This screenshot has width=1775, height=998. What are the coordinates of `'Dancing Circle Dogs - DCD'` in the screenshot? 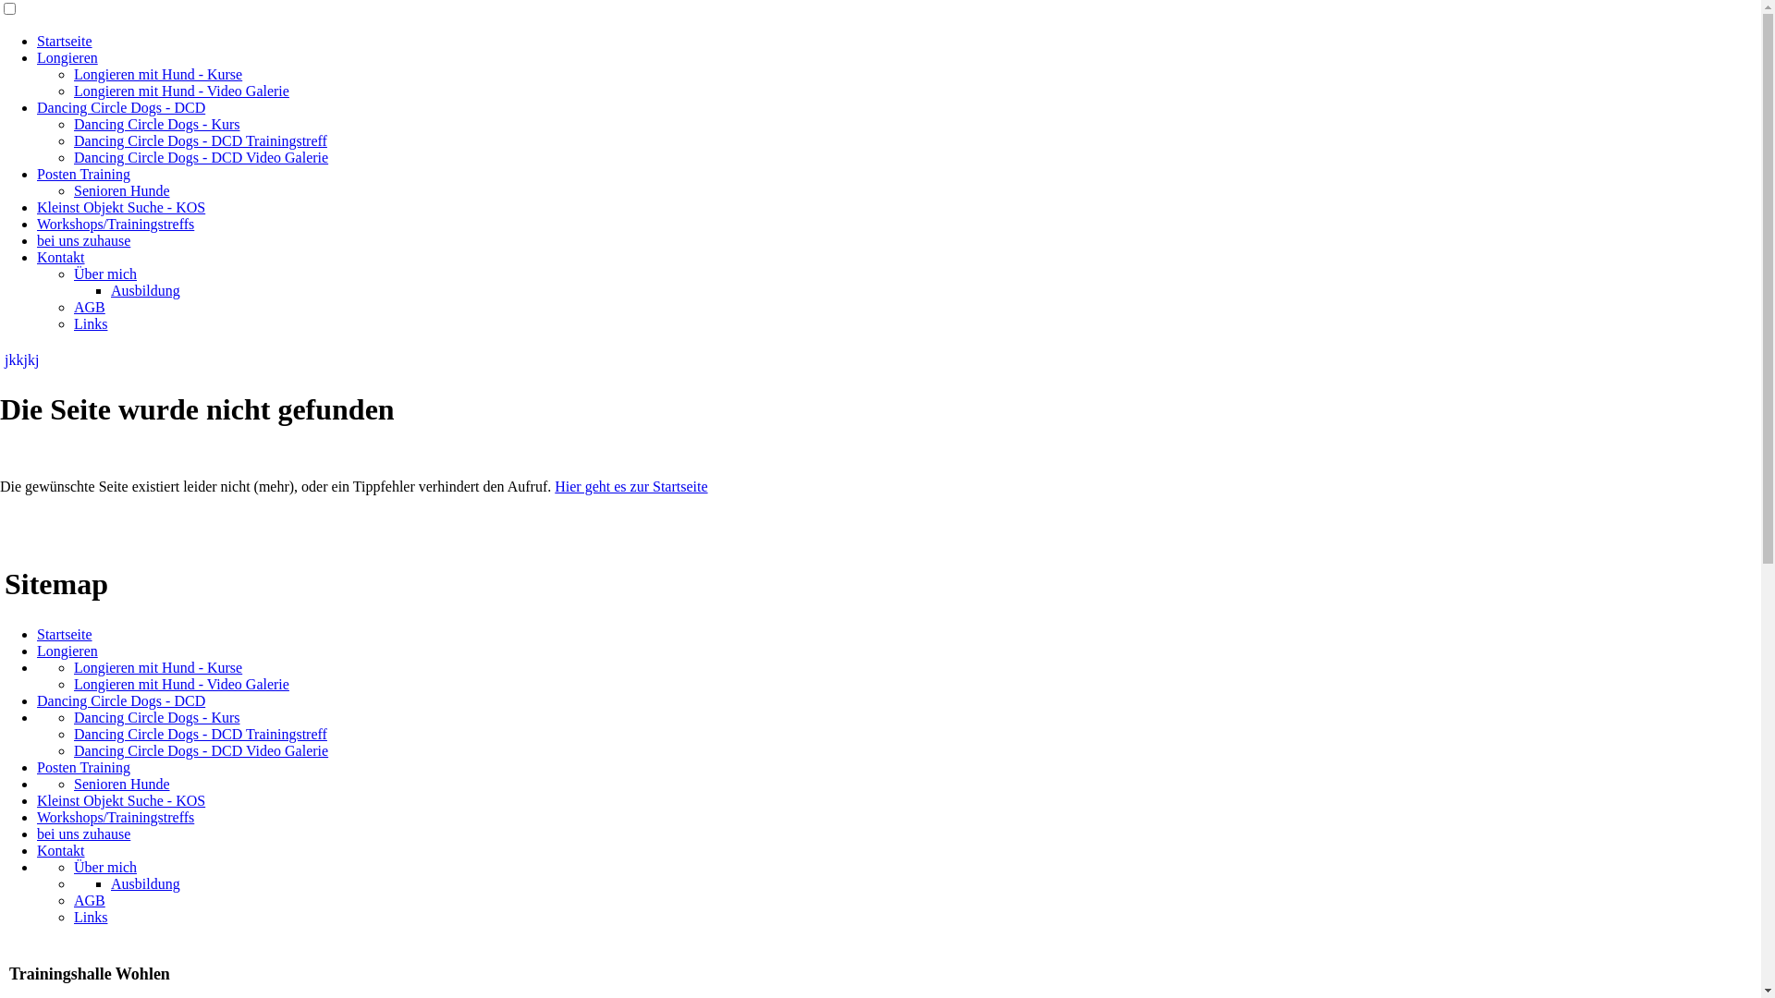 It's located at (119, 107).